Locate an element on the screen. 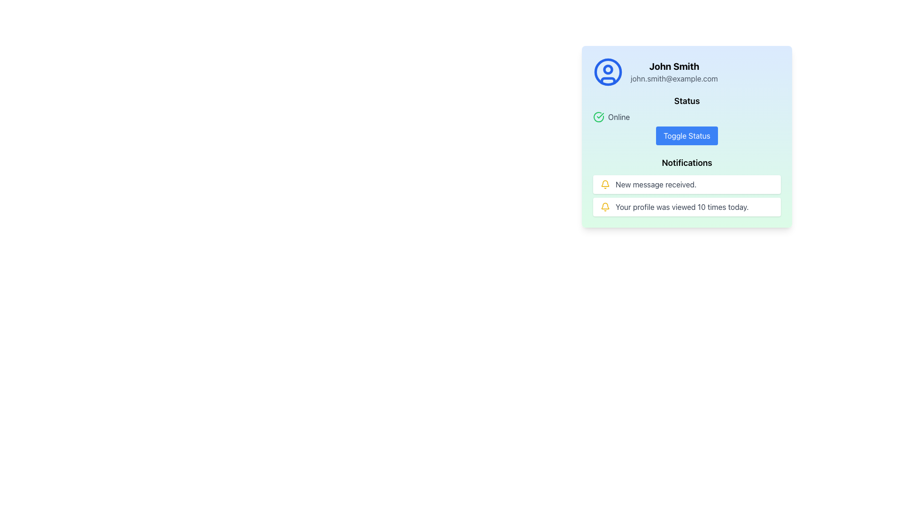 This screenshot has height=506, width=901. on the Circular User Icon representing the user profile of 'John Smith', located above the text 'John Smith' and 'john.smith@example.com' is located at coordinates (608, 72).